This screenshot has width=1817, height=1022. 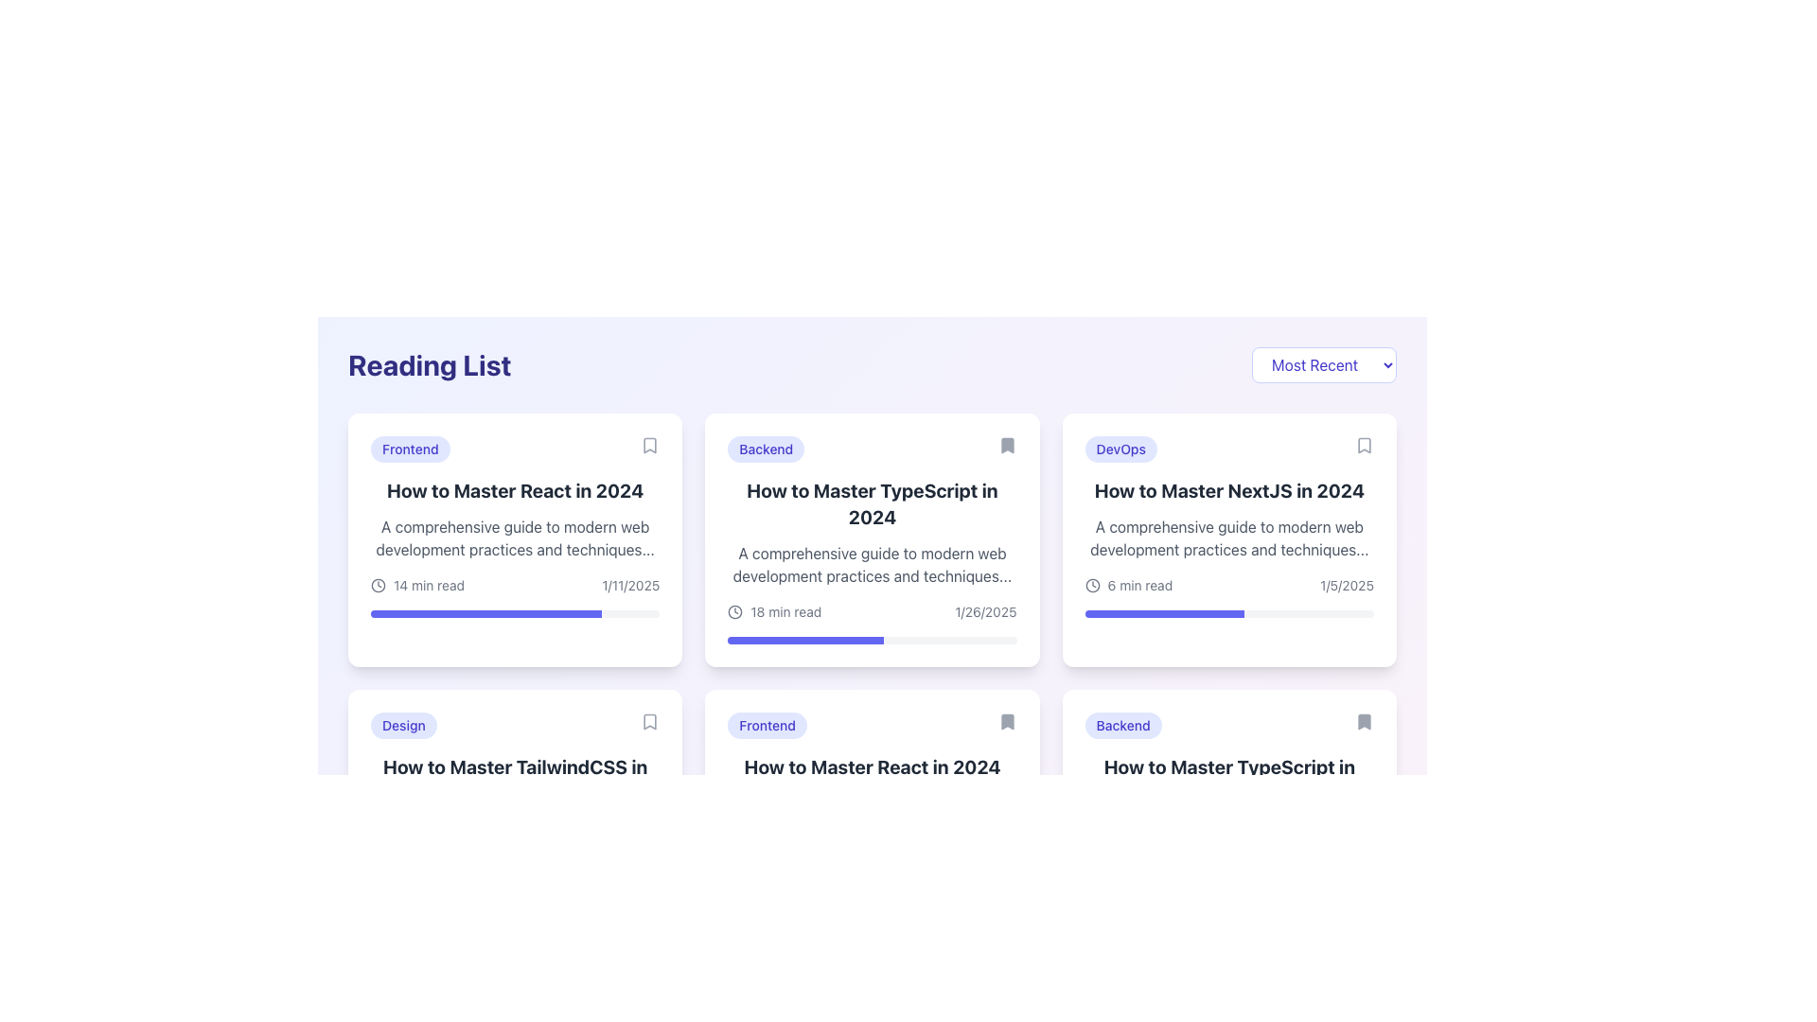 What do you see at coordinates (1229, 539) in the screenshot?
I see `the third card in the 'Reading List' section, which has a purple 'DevOps' label and a headline 'How to Master NextJS in 2024'` at bounding box center [1229, 539].